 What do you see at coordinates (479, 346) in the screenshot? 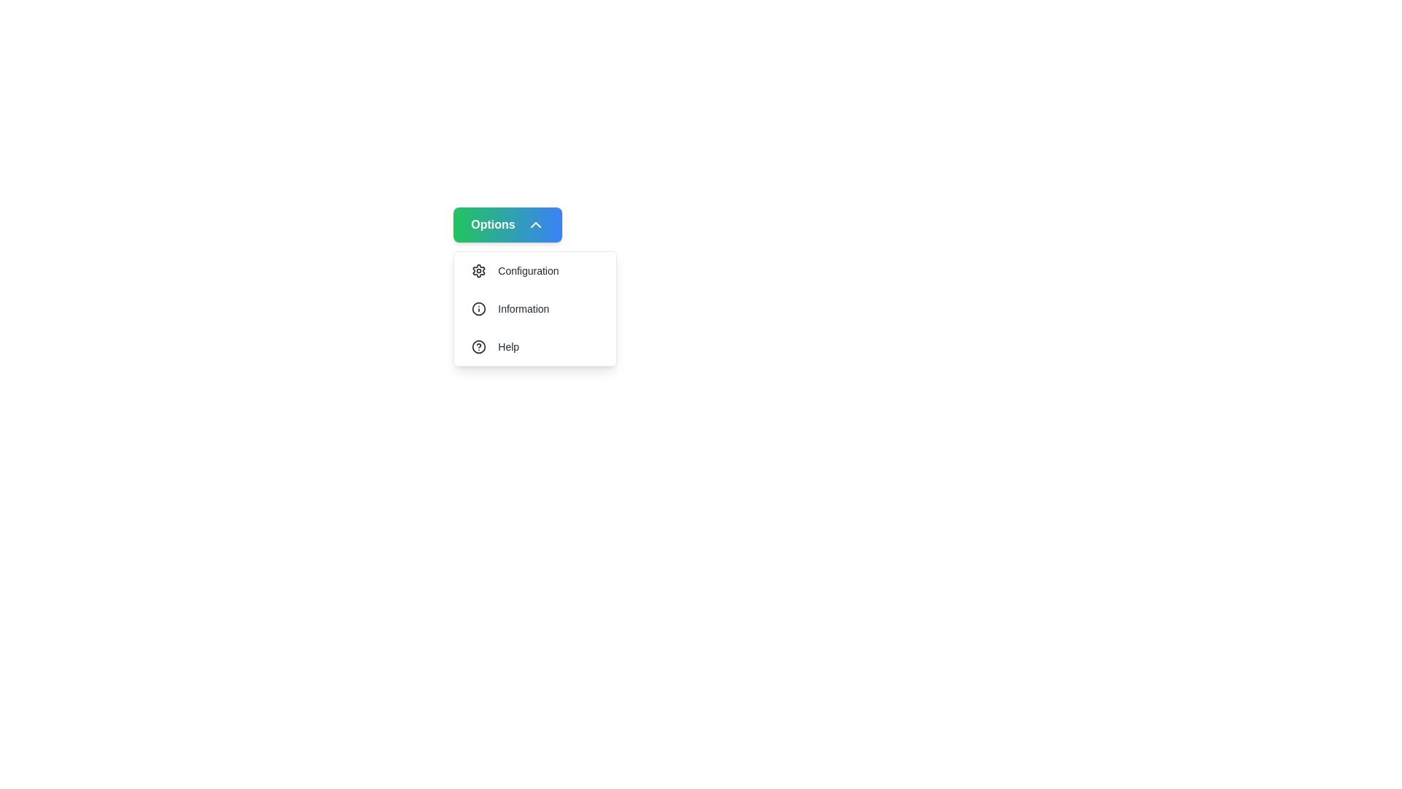
I see `the circular outline icon representing a help symbol in the dropdown menu below the 'Information' option` at bounding box center [479, 346].